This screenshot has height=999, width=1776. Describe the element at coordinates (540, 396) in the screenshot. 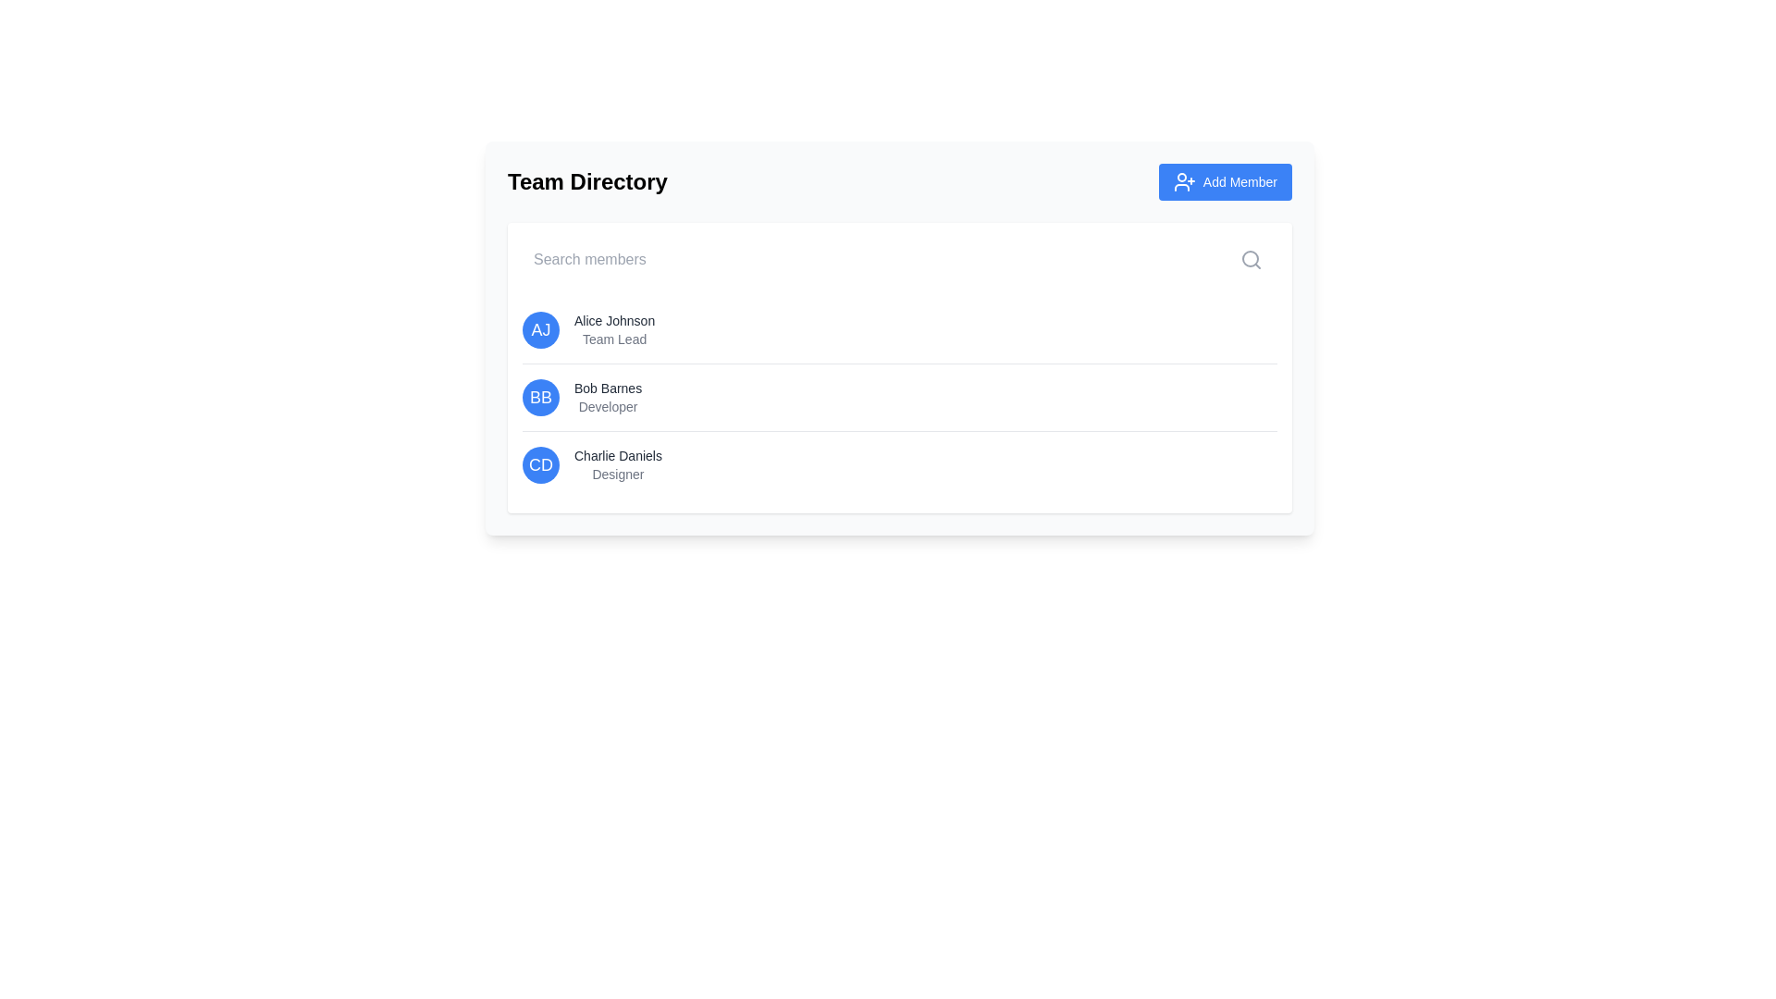

I see `the text element displaying 'BB' in bold white font on a blue circular background, which is part of the member directory for 'Bob Barnes'` at that location.